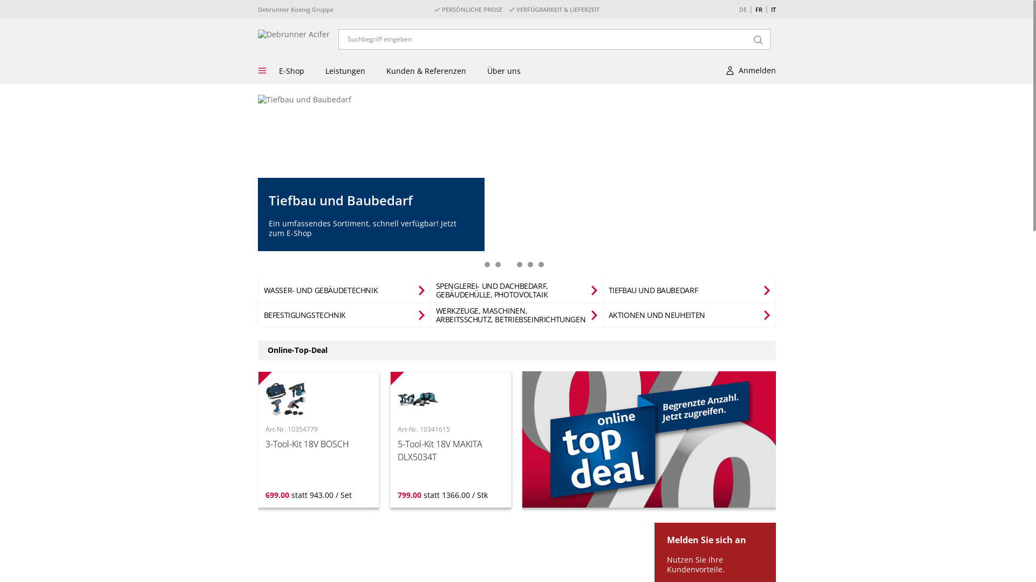 This screenshot has height=582, width=1036. What do you see at coordinates (257, 34) in the screenshot?
I see `'Debrunner Acifer'` at bounding box center [257, 34].